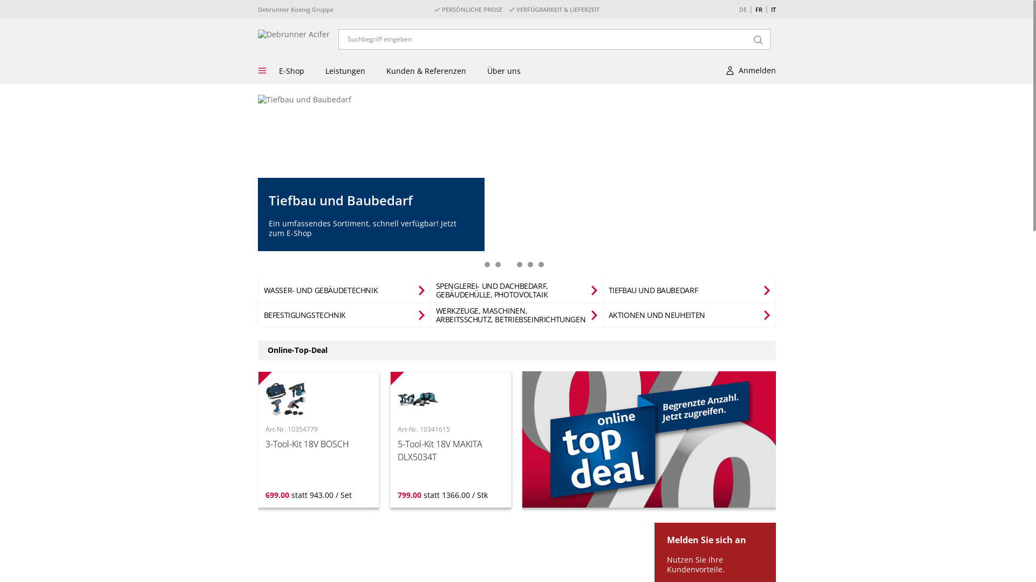 This screenshot has height=582, width=1036. What do you see at coordinates (257, 34) in the screenshot?
I see `'Debrunner Acifer'` at bounding box center [257, 34].